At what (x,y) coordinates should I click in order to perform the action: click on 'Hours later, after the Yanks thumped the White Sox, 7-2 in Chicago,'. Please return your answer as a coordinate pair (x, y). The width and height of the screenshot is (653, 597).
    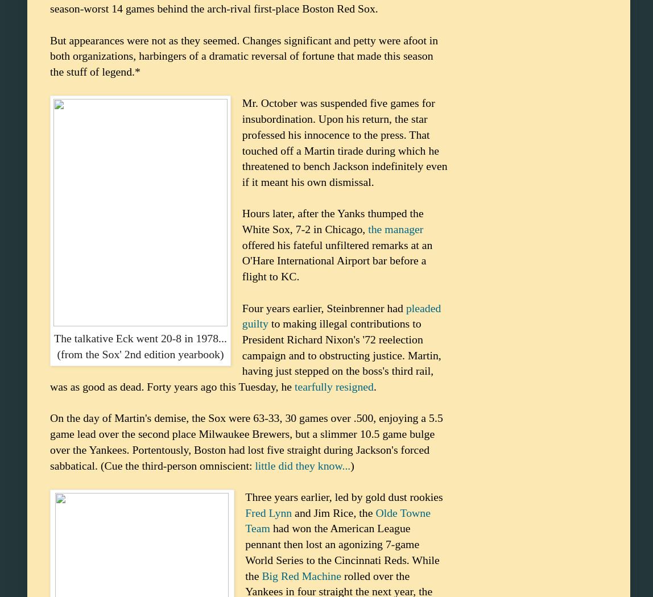
    Looking at the image, I should click on (332, 221).